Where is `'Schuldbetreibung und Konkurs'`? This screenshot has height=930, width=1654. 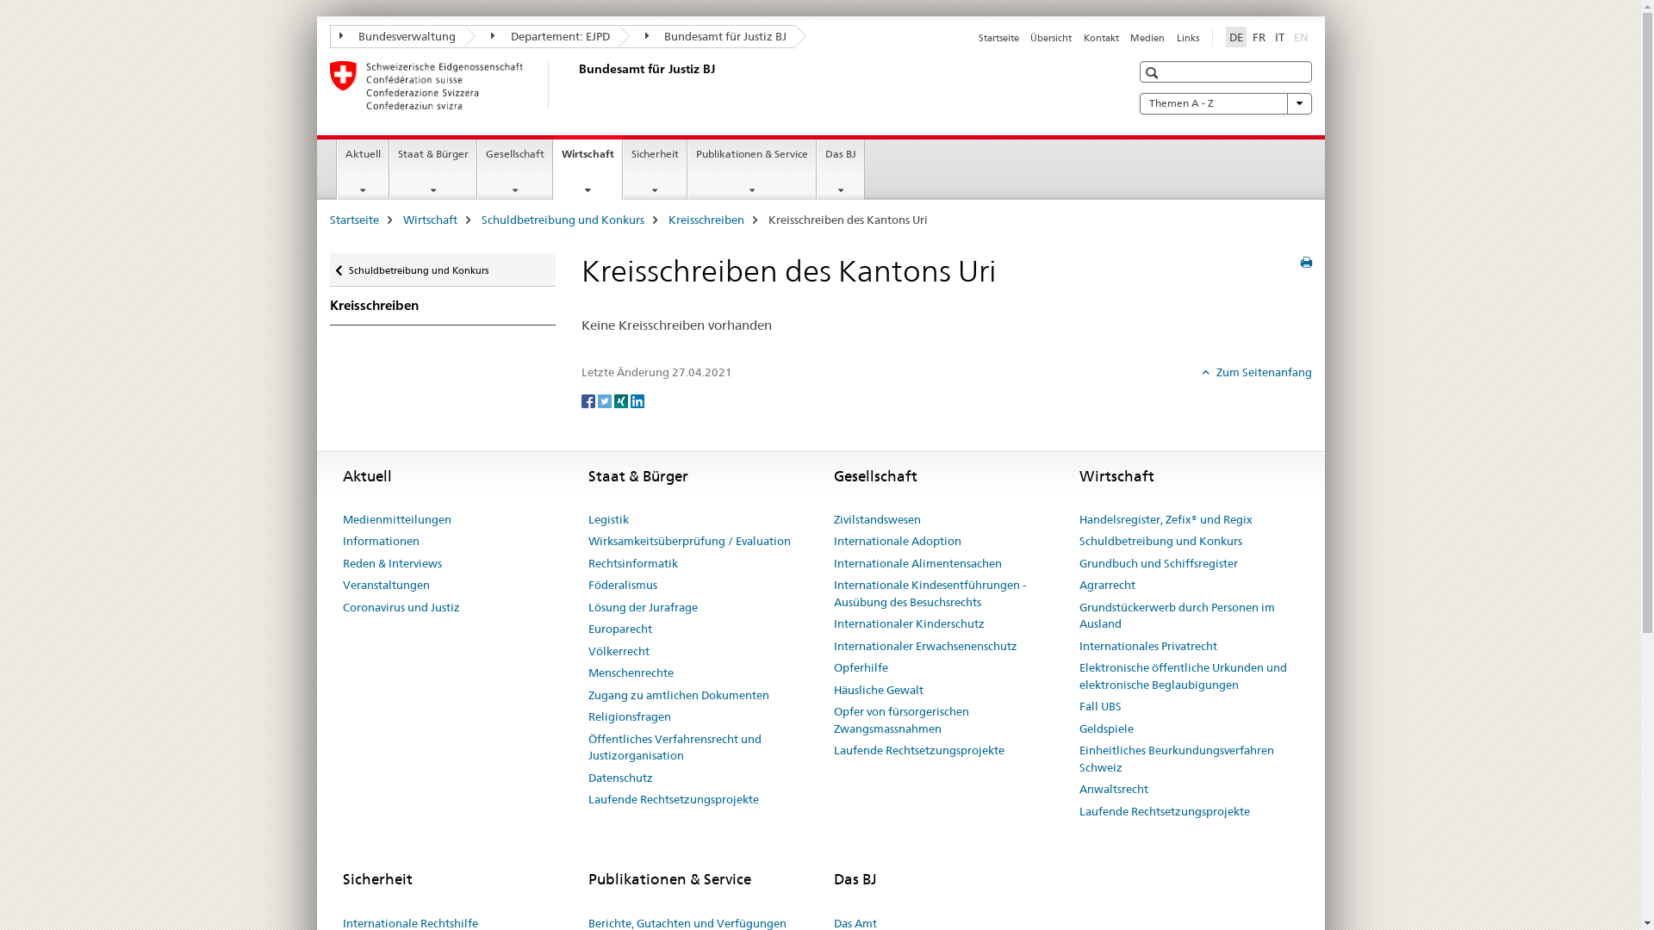 'Schuldbetreibung und Konkurs' is located at coordinates (562, 218).